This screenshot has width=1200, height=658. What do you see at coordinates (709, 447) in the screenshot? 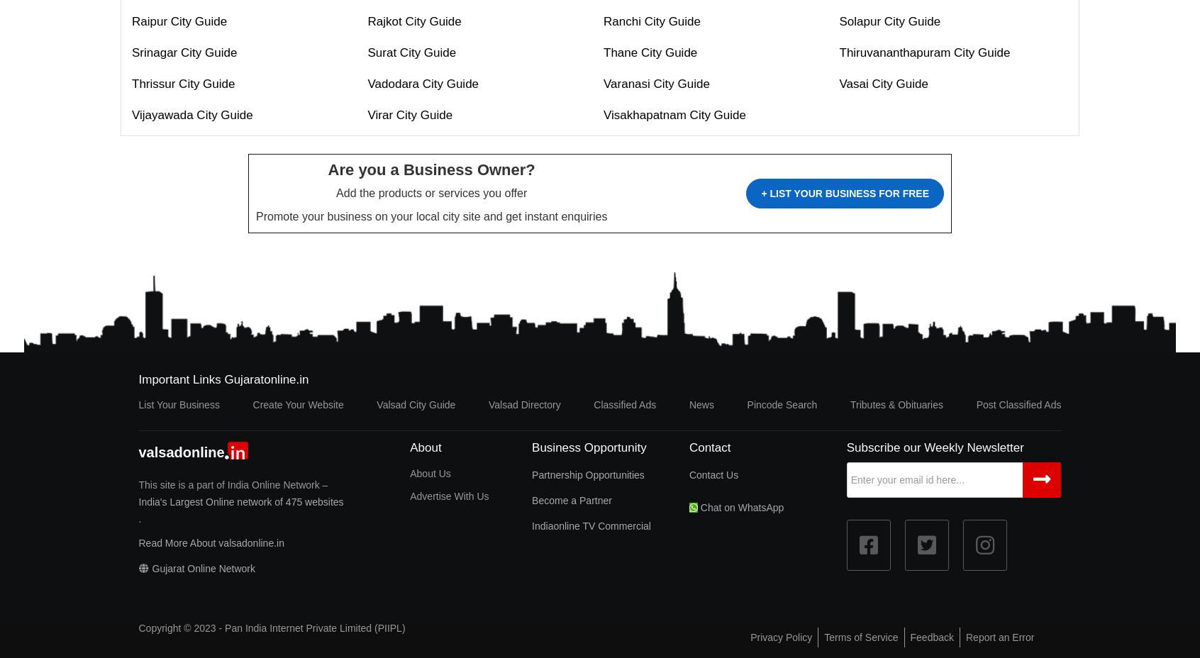
I see `'Contact'` at bounding box center [709, 447].